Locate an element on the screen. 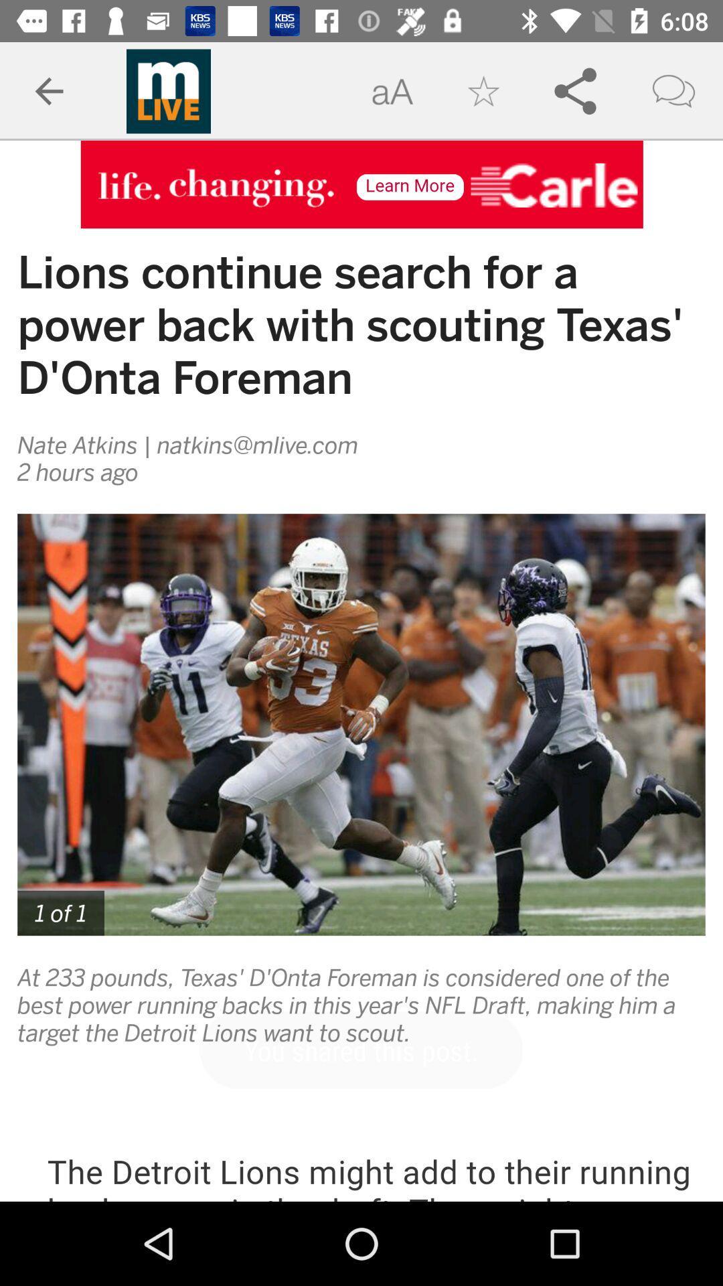  the text to the left of star icon is located at coordinates (392, 91).